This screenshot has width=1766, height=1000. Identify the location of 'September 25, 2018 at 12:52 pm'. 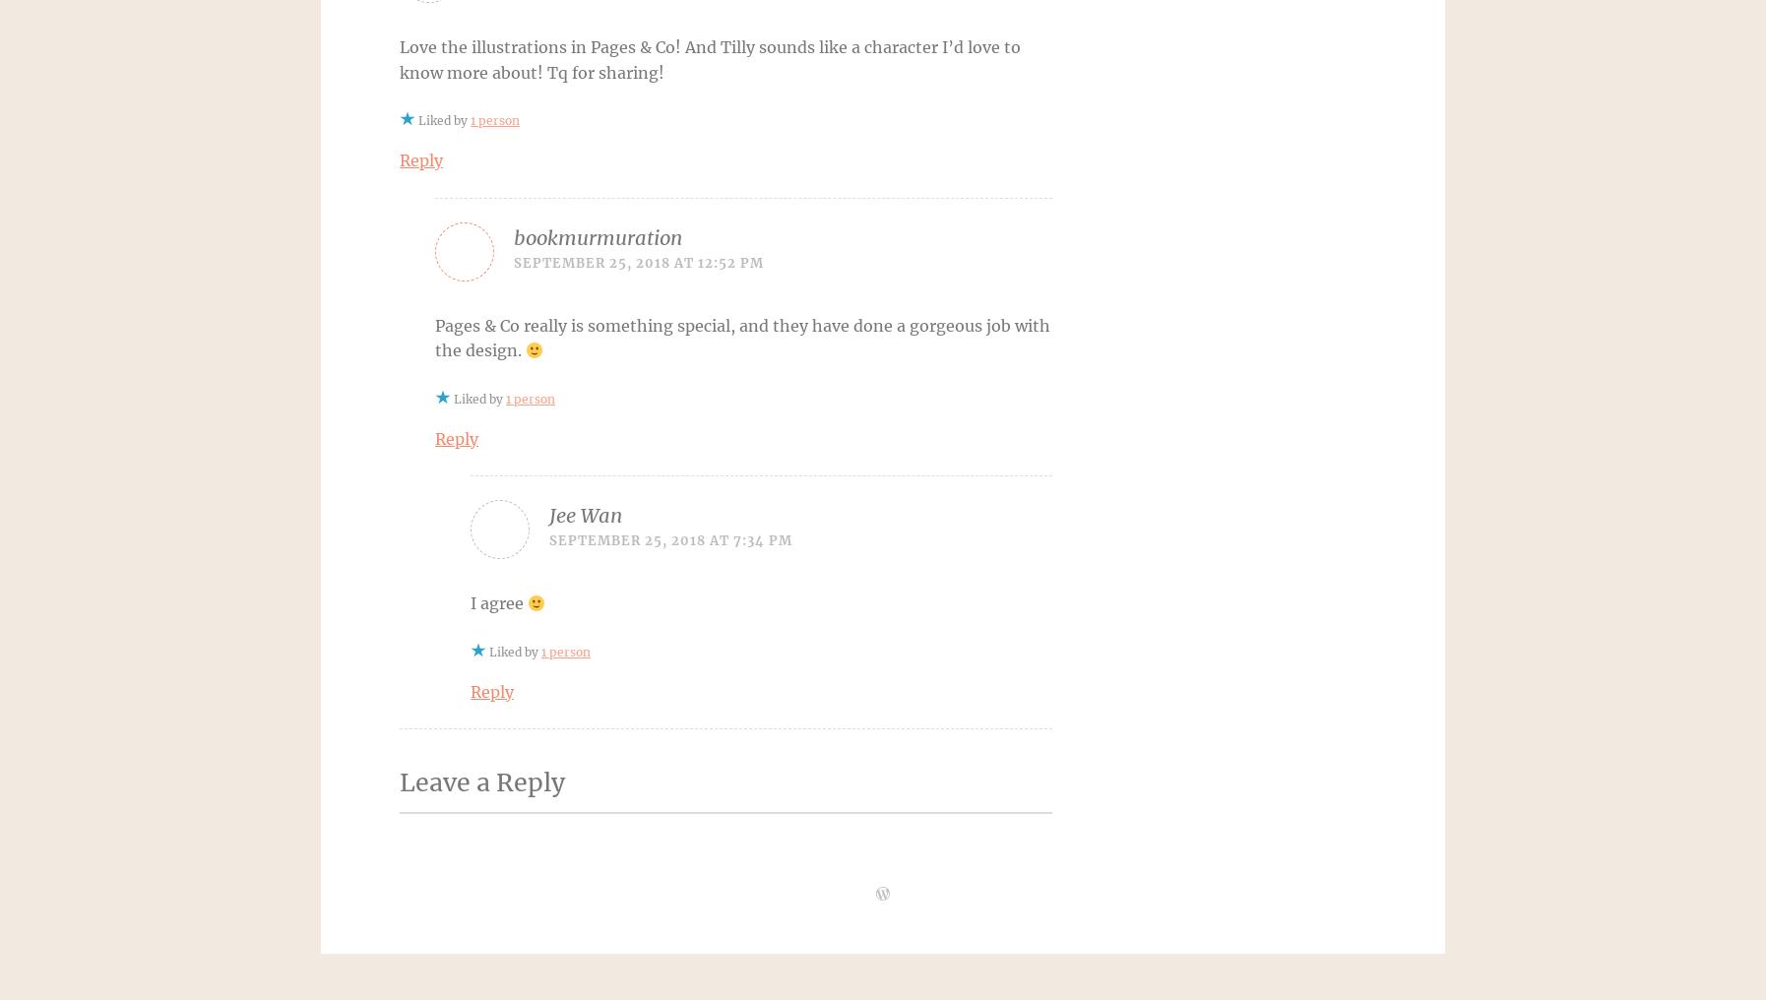
(639, 261).